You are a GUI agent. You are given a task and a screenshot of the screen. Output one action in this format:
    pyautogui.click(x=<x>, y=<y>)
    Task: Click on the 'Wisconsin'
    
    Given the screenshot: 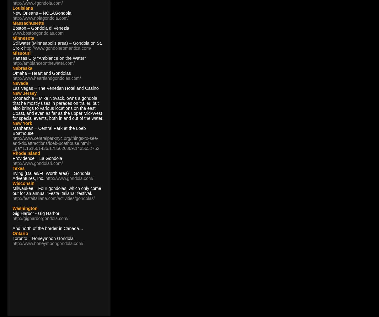 What is the action you would take?
    pyautogui.click(x=23, y=183)
    